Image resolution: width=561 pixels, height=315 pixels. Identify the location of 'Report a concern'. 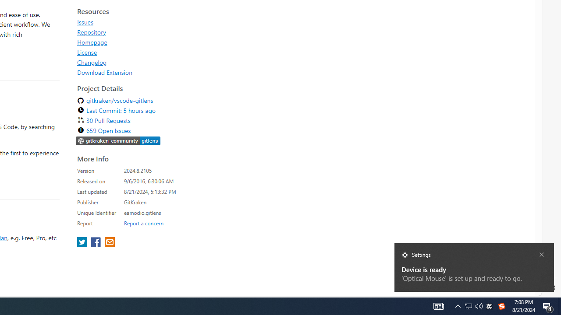
(143, 222).